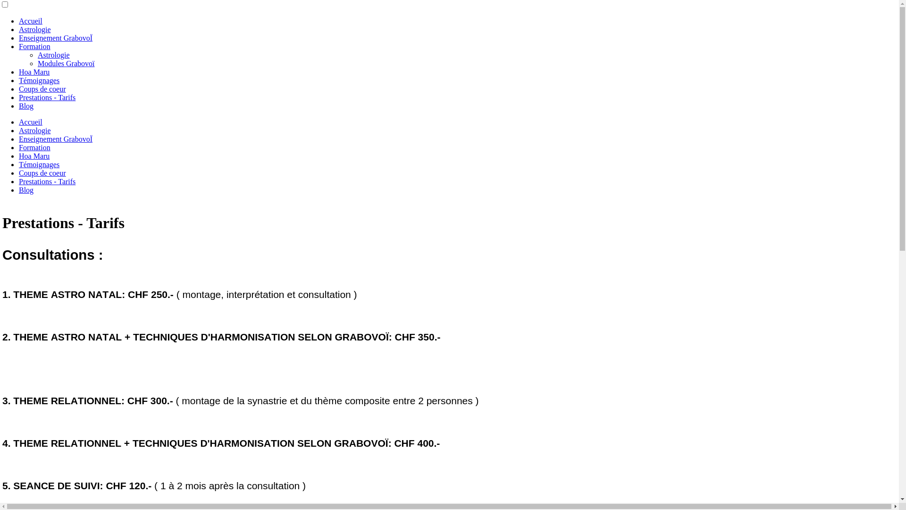 This screenshot has height=510, width=906. Describe the element at coordinates (31, 21) in the screenshot. I see `'Accueil'` at that location.